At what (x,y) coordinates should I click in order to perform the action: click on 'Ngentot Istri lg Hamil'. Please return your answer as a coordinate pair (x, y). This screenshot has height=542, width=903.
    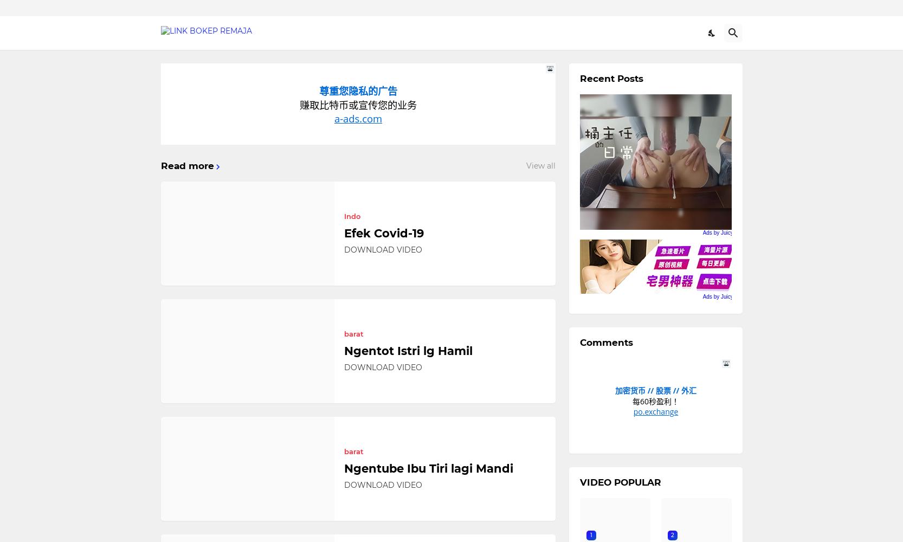
    Looking at the image, I should click on (408, 351).